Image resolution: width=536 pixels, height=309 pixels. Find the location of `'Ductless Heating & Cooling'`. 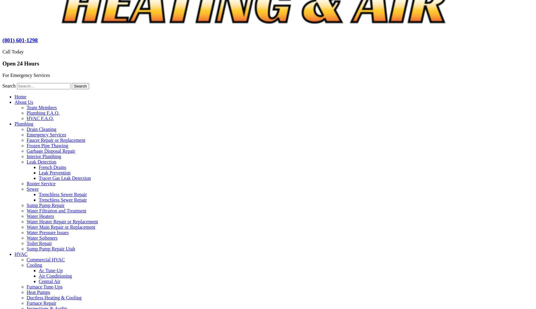

'Ductless Heating & Cooling' is located at coordinates (54, 297).